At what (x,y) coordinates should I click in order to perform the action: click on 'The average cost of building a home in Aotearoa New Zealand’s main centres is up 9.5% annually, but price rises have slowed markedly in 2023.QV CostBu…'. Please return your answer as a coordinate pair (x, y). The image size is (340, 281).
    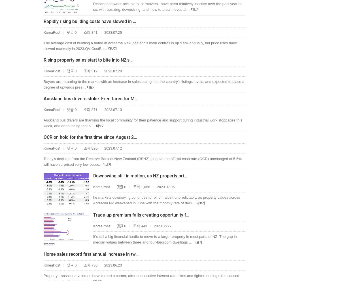
    Looking at the image, I should click on (140, 46).